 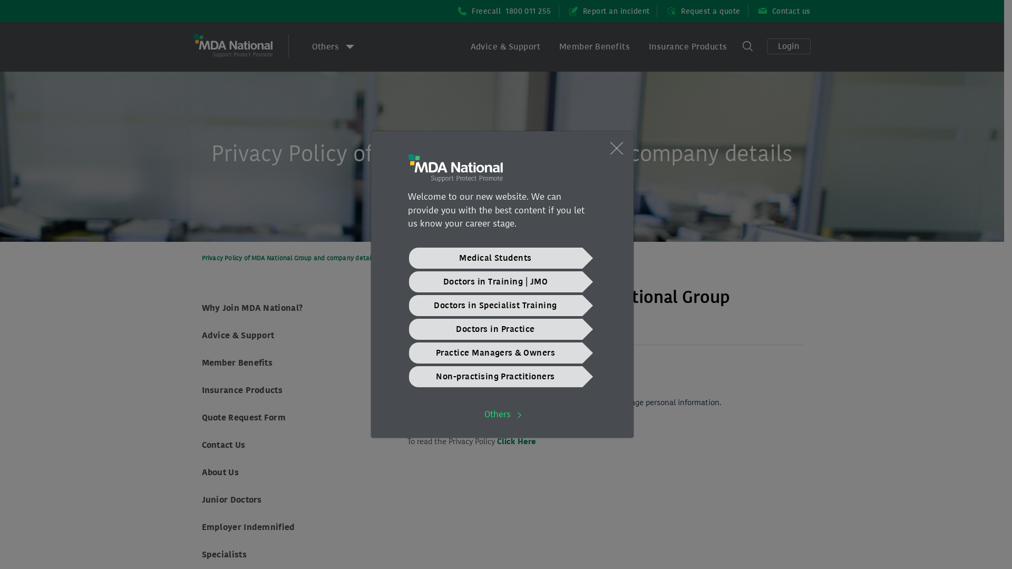 I want to click on 'Contact us', so click(x=779, y=11).